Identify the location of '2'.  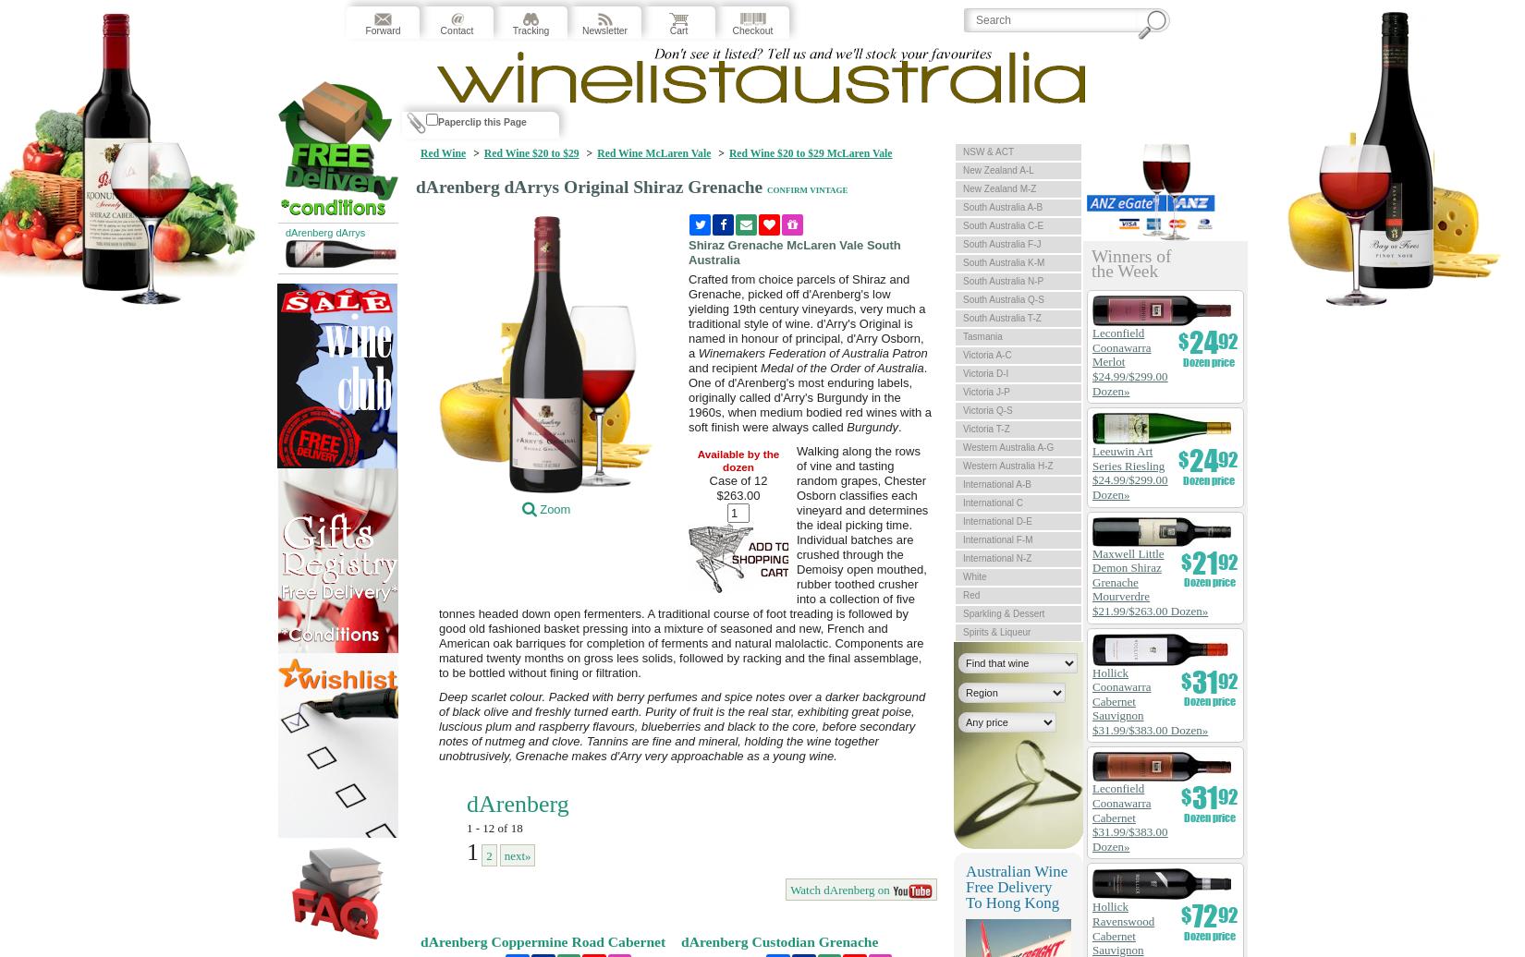
(487, 854).